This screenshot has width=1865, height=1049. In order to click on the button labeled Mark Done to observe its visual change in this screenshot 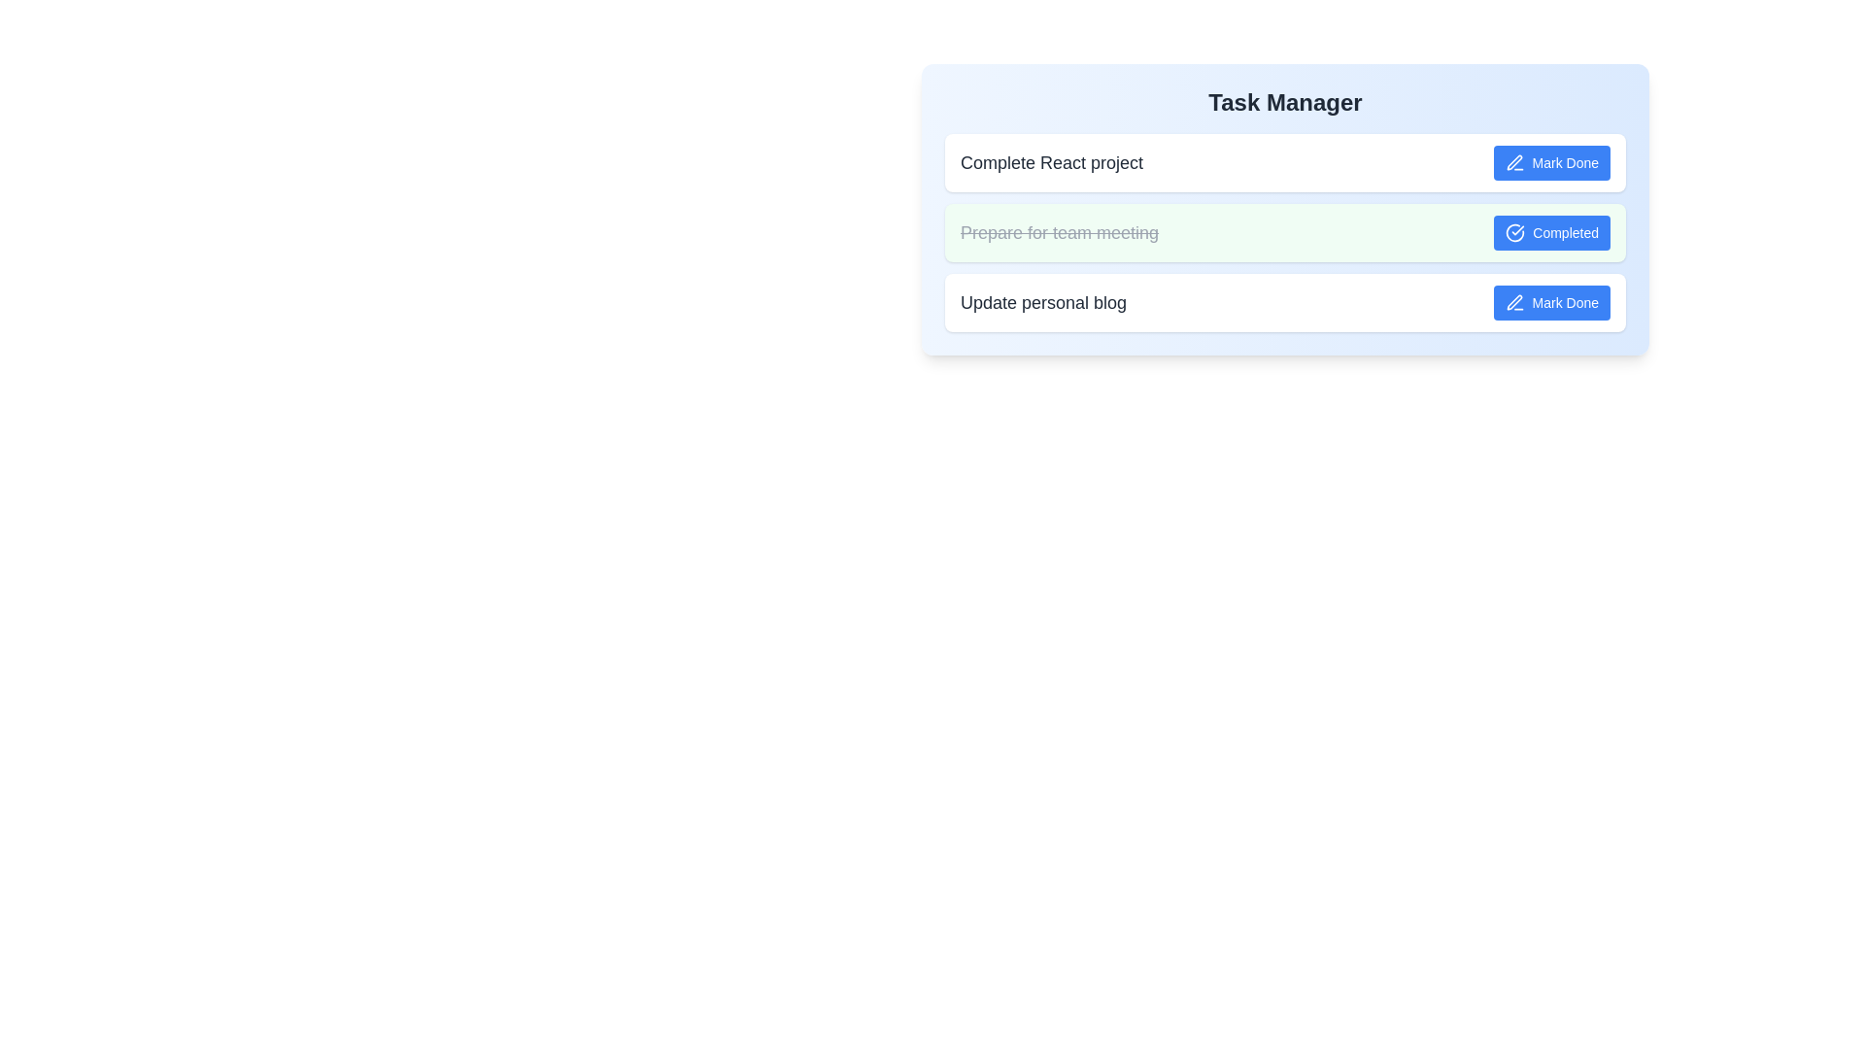, I will do `click(1550, 162)`.